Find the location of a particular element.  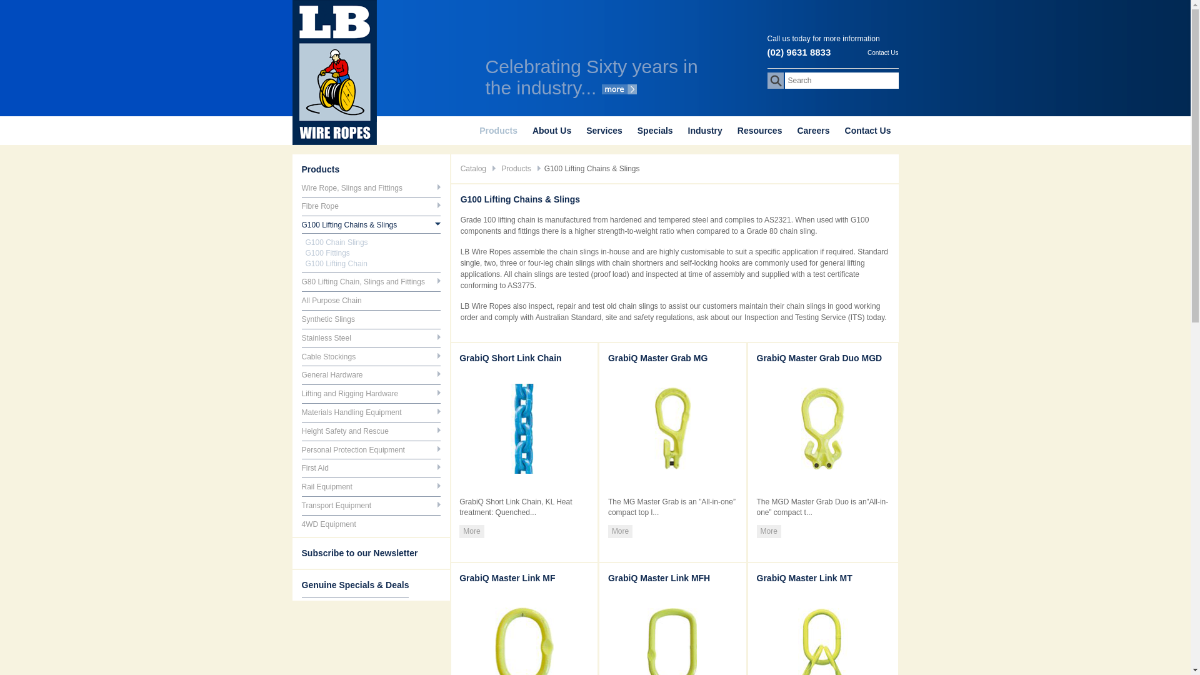

'Products' is located at coordinates (320, 169).